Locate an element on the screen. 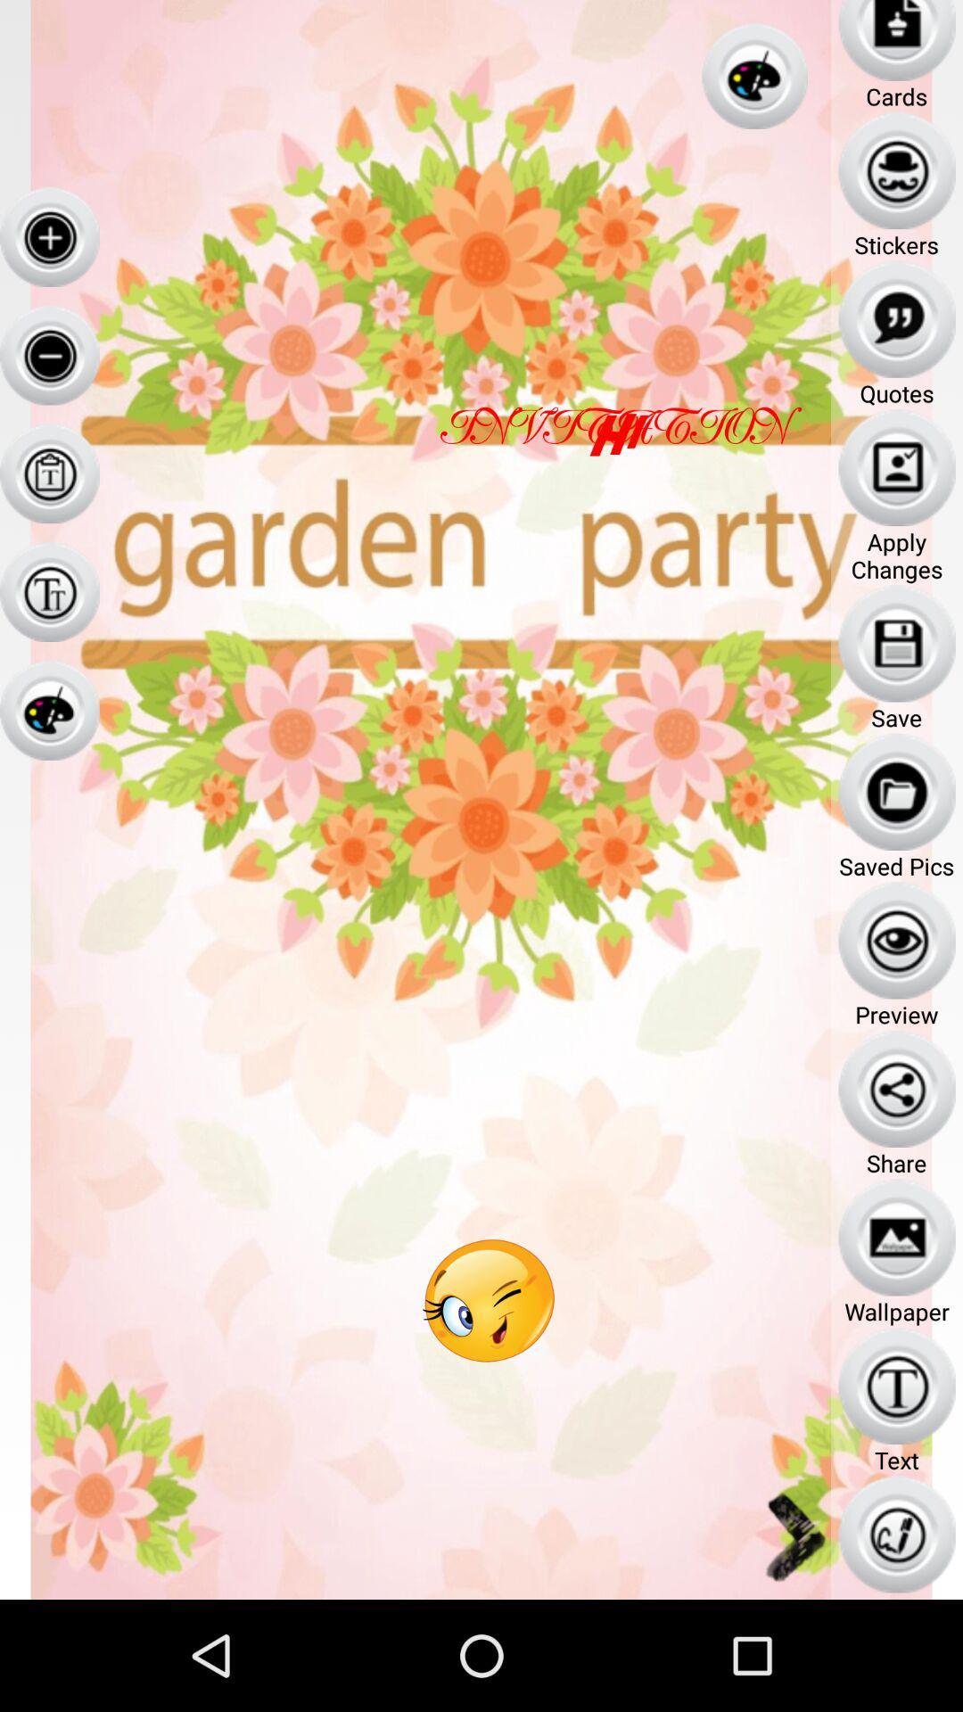 The width and height of the screenshot is (963, 1712). the info icon is located at coordinates (48, 633).